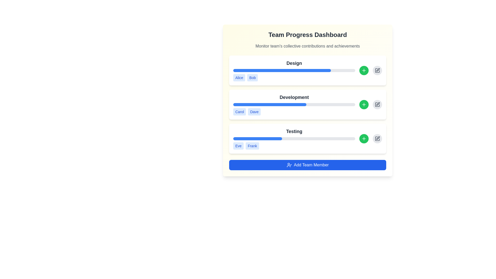 The height and width of the screenshot is (279, 496). What do you see at coordinates (377, 138) in the screenshot?
I see `the edit SVG icon inside the circular button at the end of the 'Testing' section row in the Team Progress Dashboard to initiate editing` at bounding box center [377, 138].